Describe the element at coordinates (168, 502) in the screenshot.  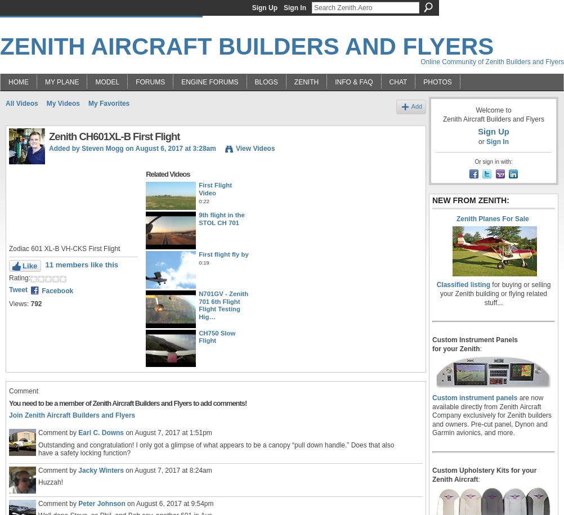
I see `'on August 6, 2017 at 9:54pm'` at that location.